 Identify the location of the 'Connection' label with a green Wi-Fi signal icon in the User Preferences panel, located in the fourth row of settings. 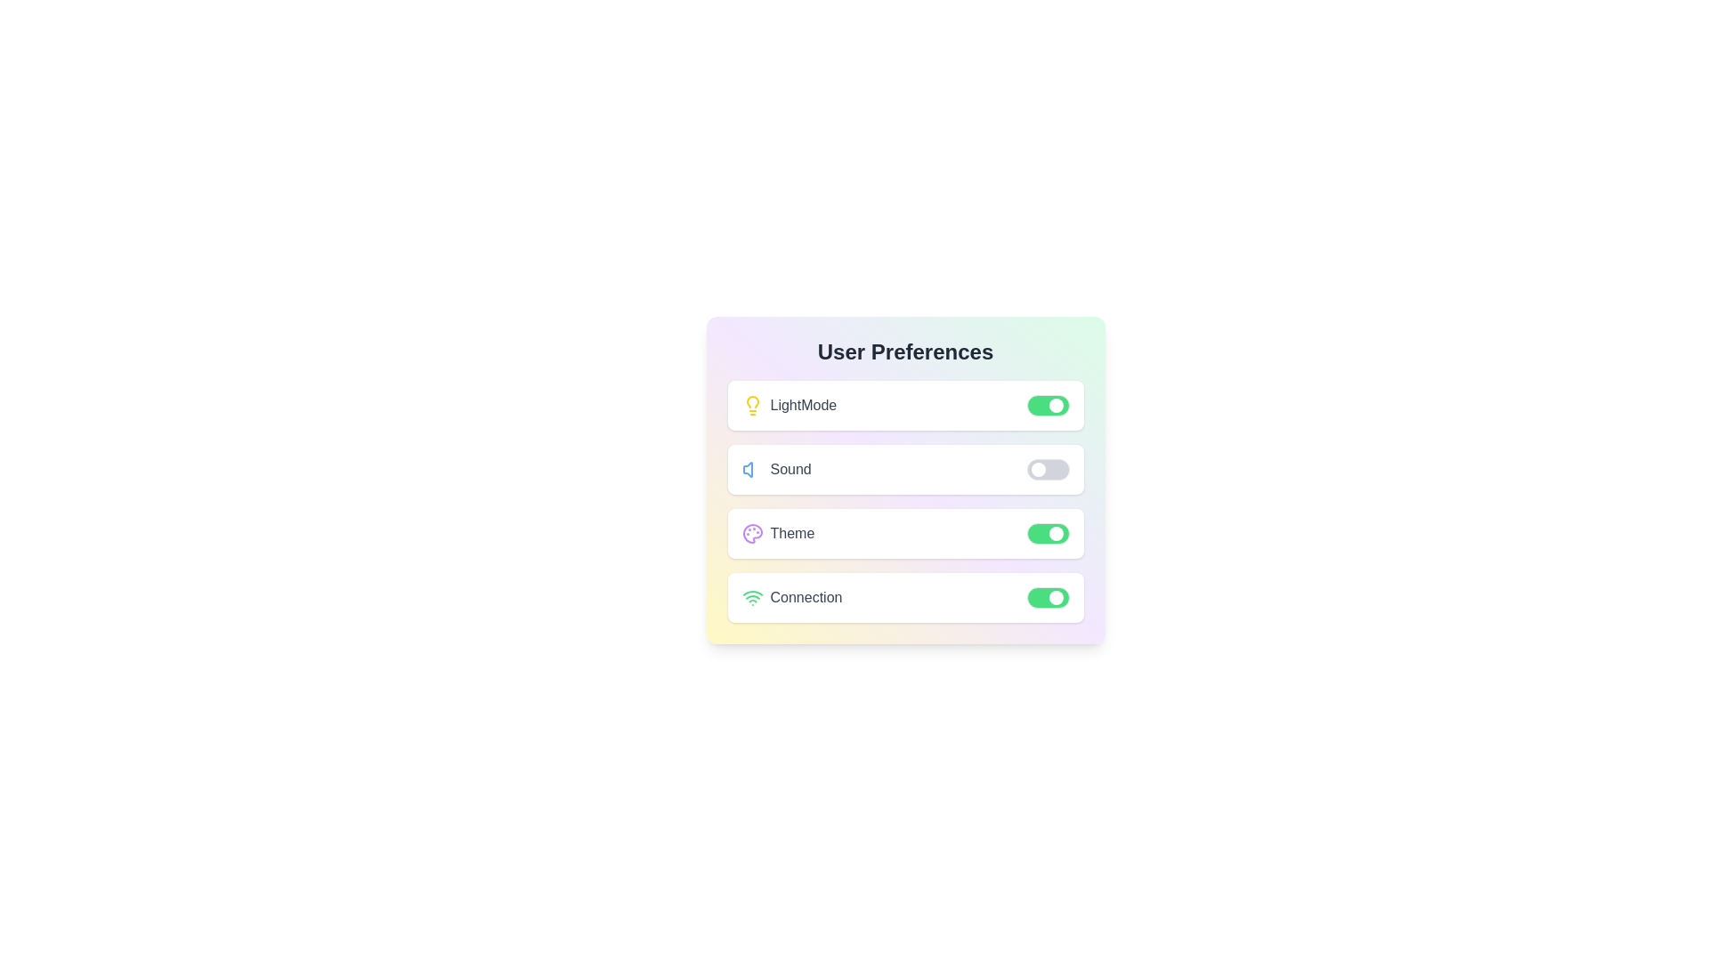
(790, 597).